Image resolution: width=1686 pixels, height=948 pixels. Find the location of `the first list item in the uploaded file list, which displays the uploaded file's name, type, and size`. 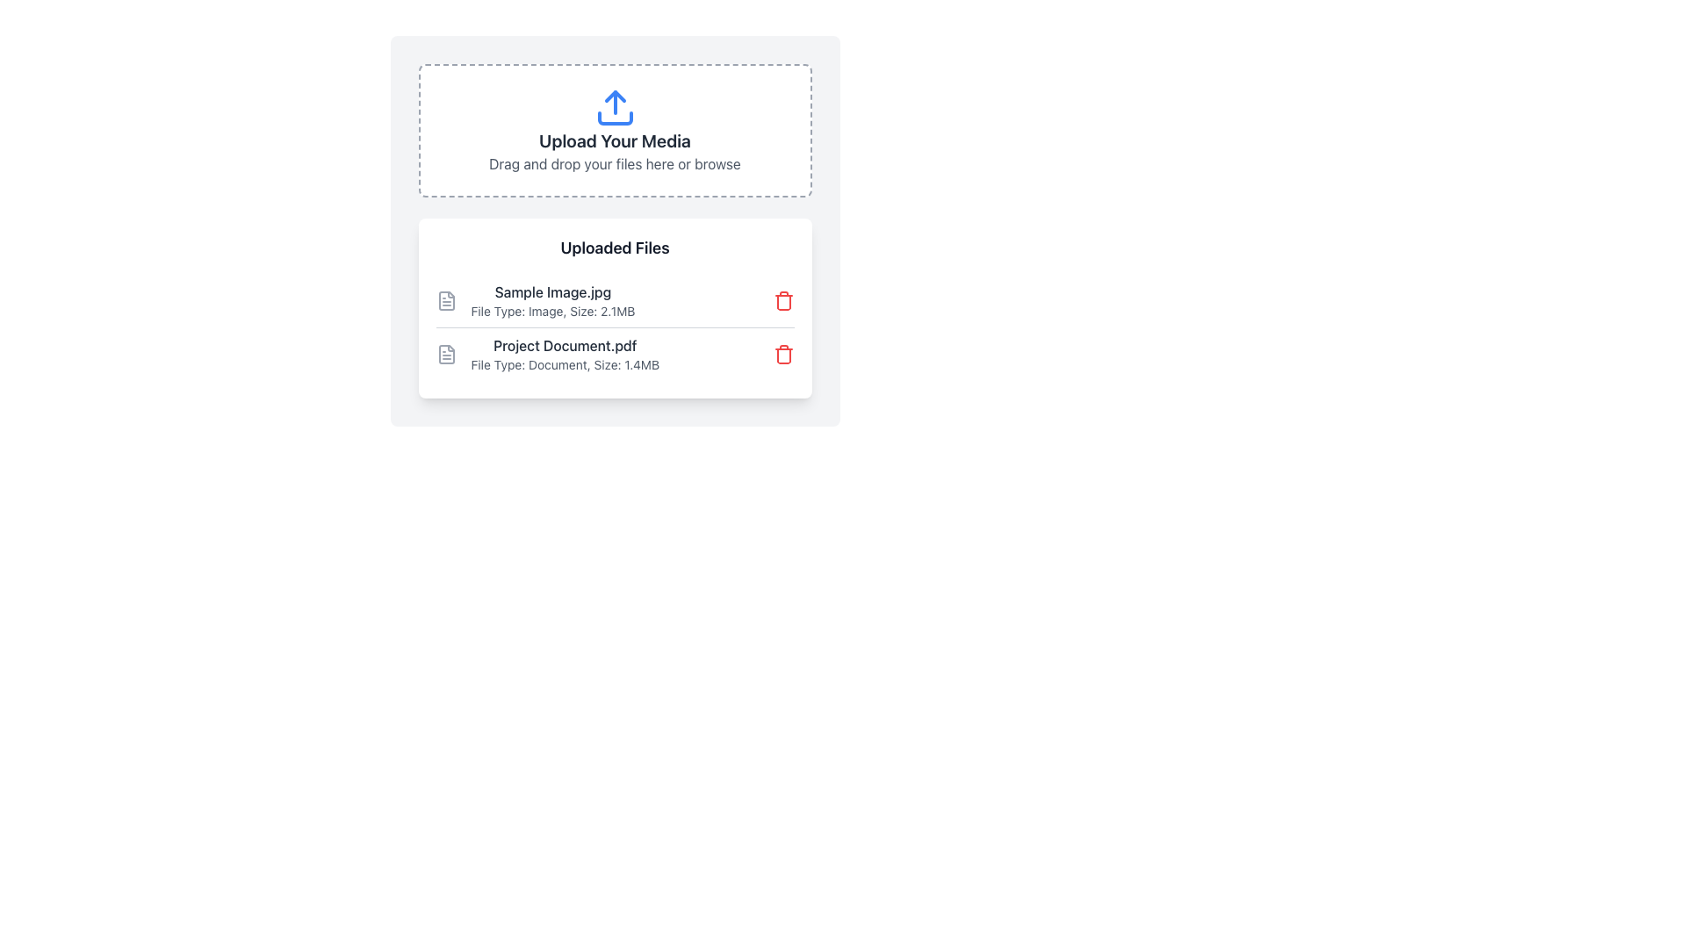

the first list item in the uploaded file list, which displays the uploaded file's name, type, and size is located at coordinates (534, 300).